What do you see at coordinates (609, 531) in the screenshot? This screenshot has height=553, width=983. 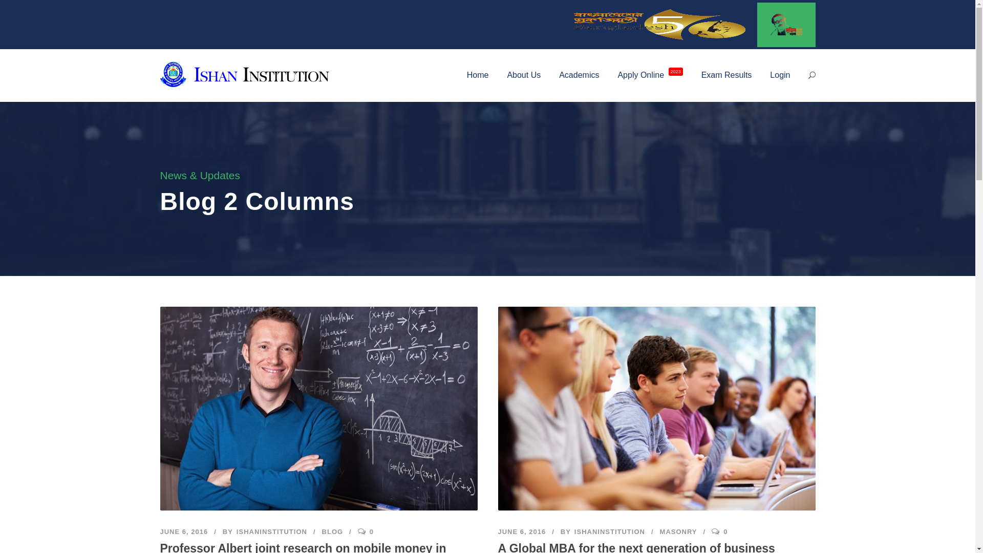 I see `'ISHANINSTITUTION'` at bounding box center [609, 531].